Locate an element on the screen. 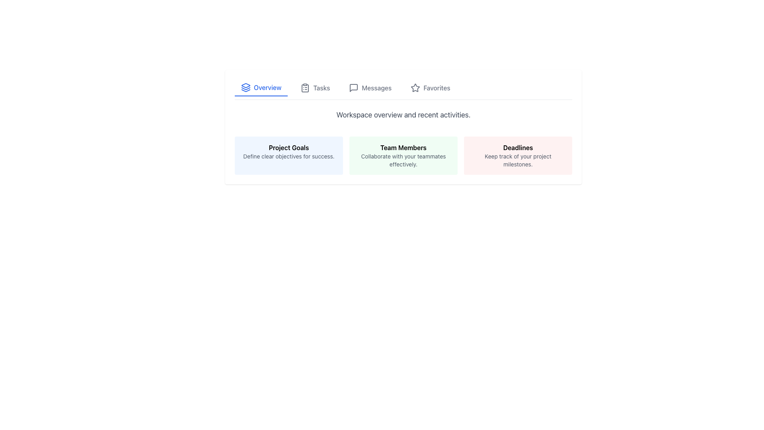  the 'Overview' text label in the navigation bar is located at coordinates (267, 87).